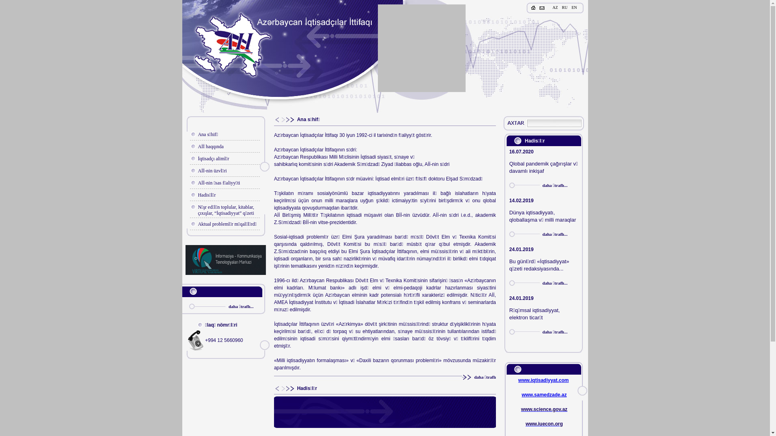 This screenshot has height=436, width=776. Describe the element at coordinates (544, 423) in the screenshot. I see `'www.iuecon.org'` at that location.